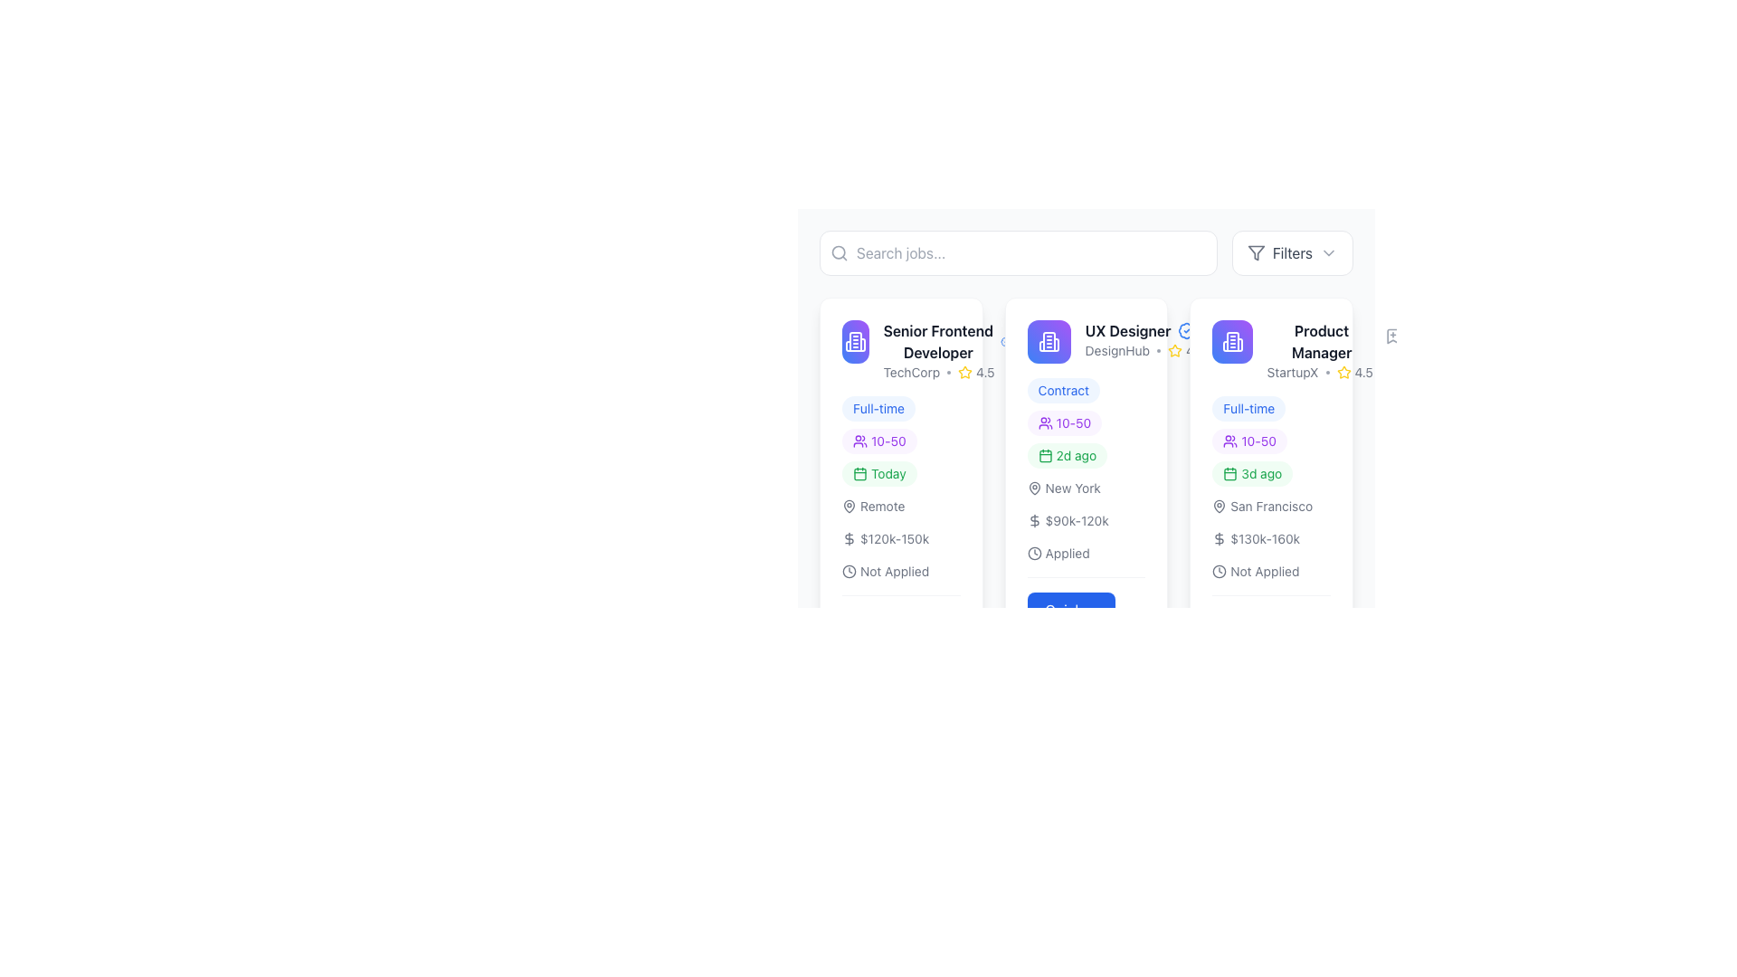 This screenshot has width=1737, height=977. What do you see at coordinates (1064, 488) in the screenshot?
I see `the 'New York' text with the pin icon in the 'UX Designer' card to interact with the associated link` at bounding box center [1064, 488].